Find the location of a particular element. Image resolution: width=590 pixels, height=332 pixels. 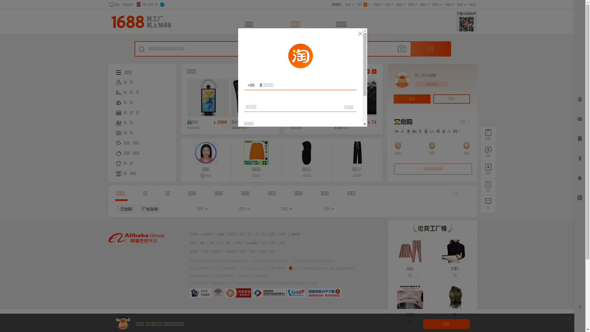

'AliOS' is located at coordinates (290, 234).